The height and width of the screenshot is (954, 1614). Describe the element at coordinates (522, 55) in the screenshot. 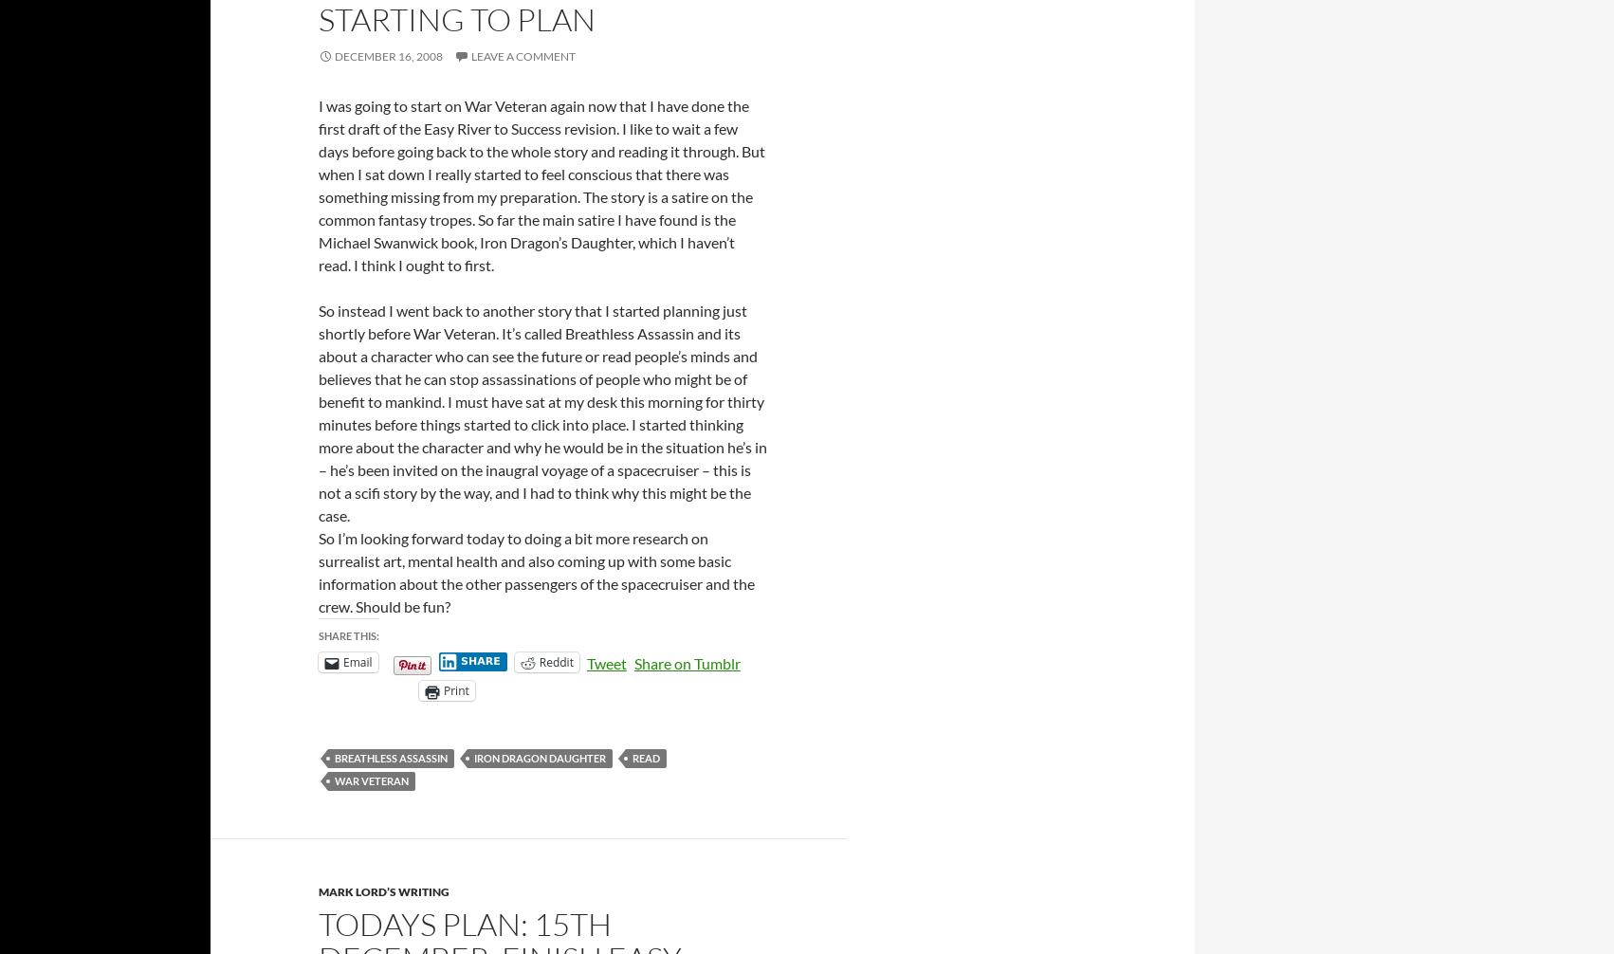

I see `'Leave a comment'` at that location.